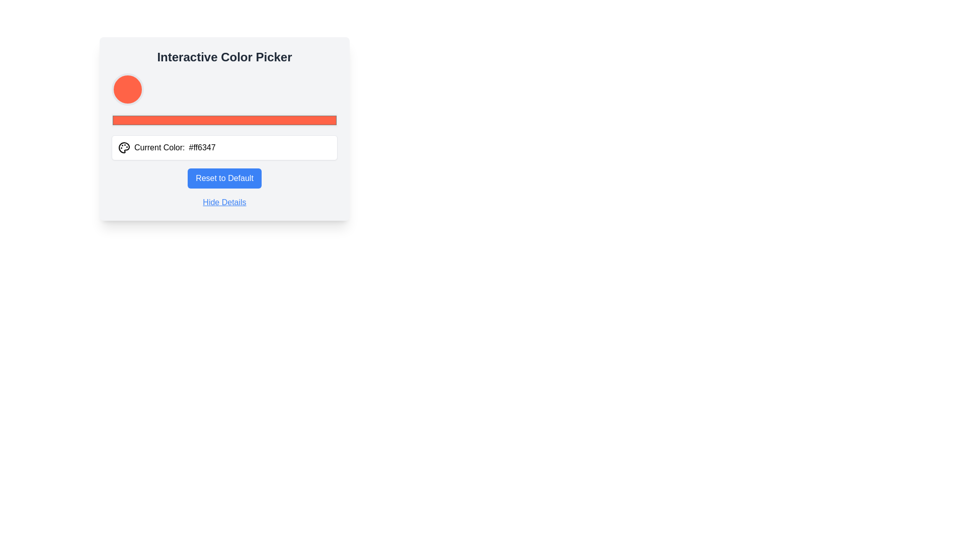  What do you see at coordinates (270, 120) in the screenshot?
I see `the slider value` at bounding box center [270, 120].